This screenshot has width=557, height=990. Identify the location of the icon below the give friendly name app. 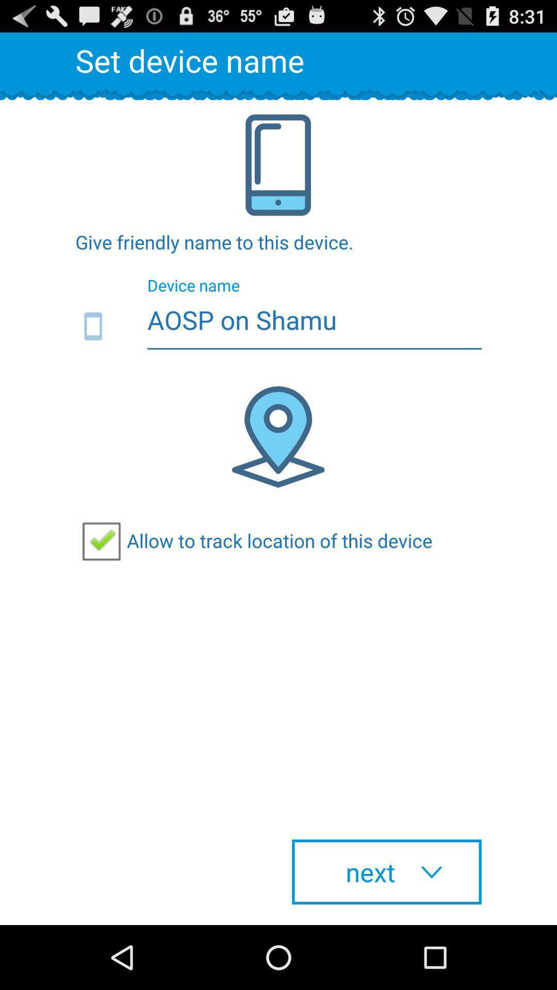
(278, 326).